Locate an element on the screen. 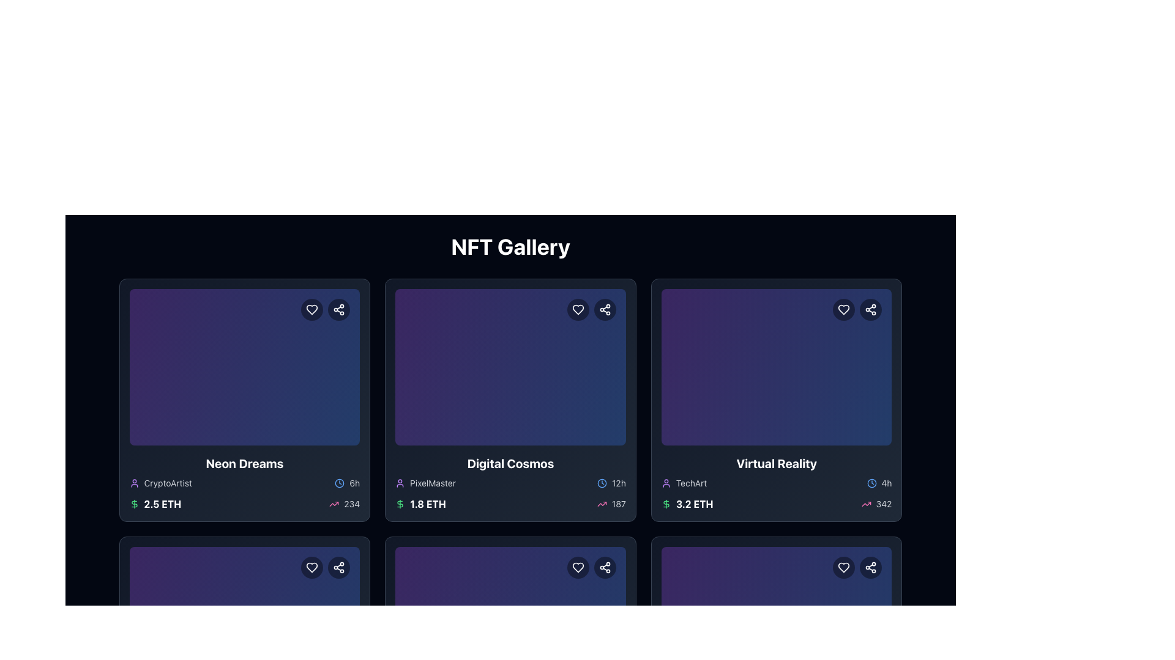 This screenshot has width=1175, height=660. the favorite button located at the top right corner of the 'Neon Dreams' NFT card is located at coordinates (311, 309).